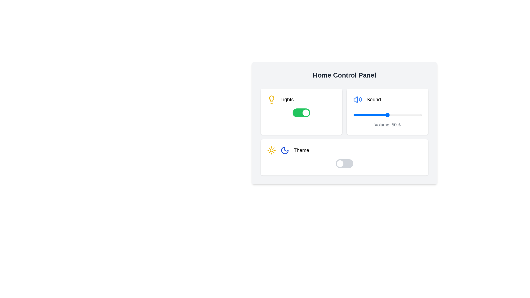 This screenshot has width=530, height=298. Describe the element at coordinates (271, 150) in the screenshot. I see `the center of the sun icon, which is used for toggling the light theme in the control panel interface` at that location.